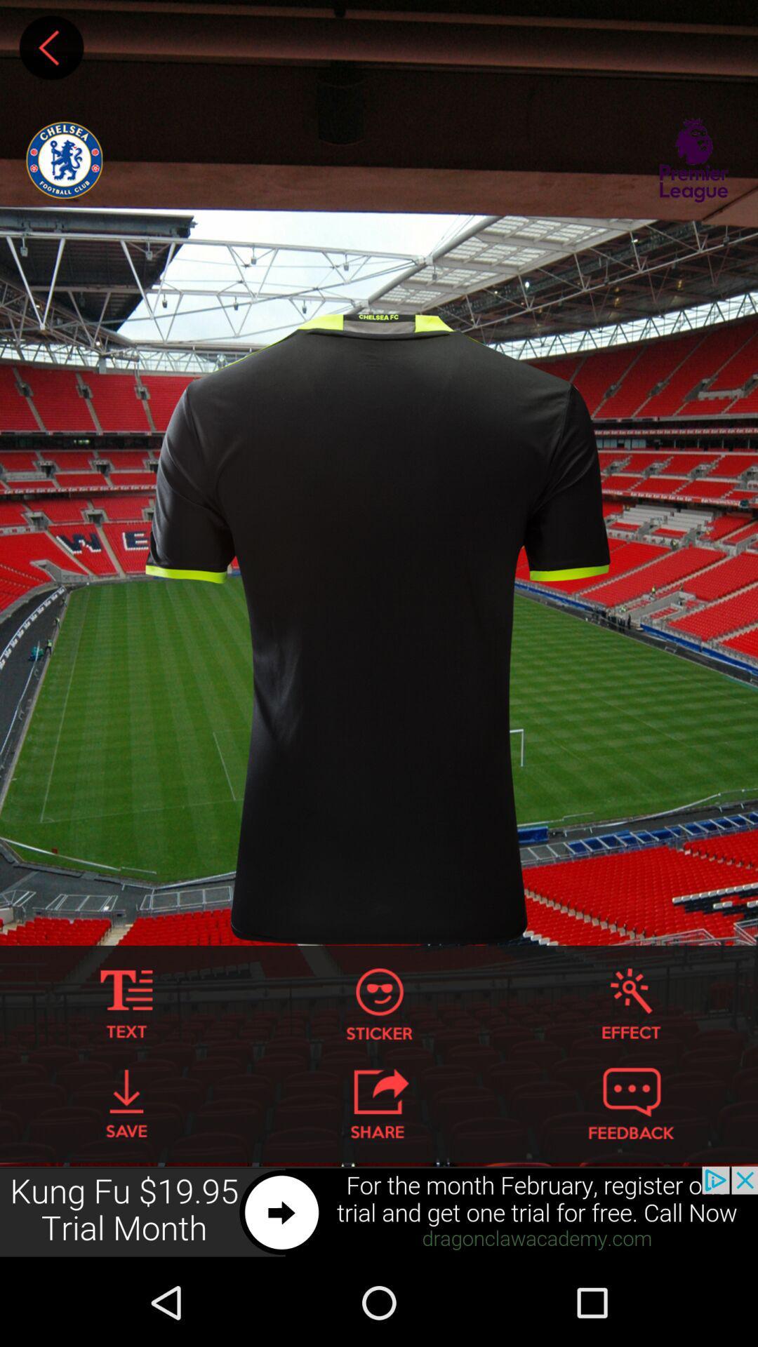 The width and height of the screenshot is (758, 1347). Describe the element at coordinates (126, 1003) in the screenshot. I see `text to shirt` at that location.